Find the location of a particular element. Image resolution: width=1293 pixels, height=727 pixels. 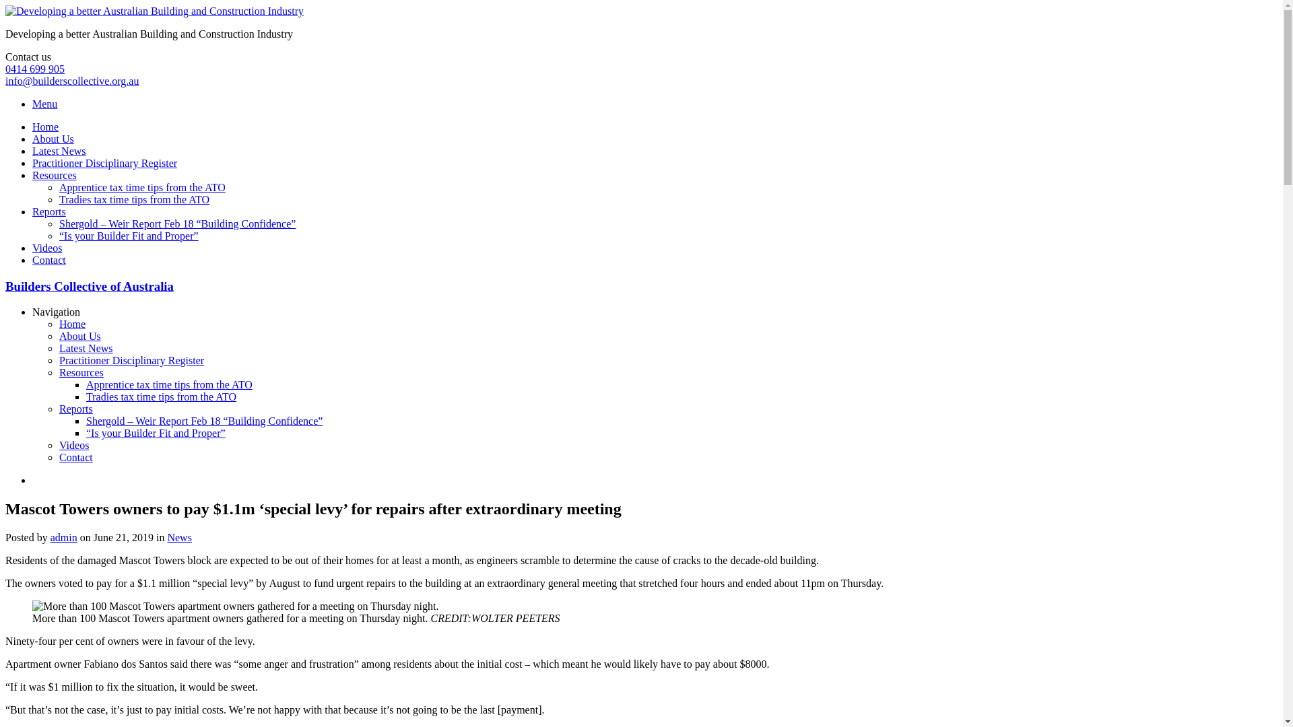

'Tradies tax time tips from the ATO' is located at coordinates (161, 396).